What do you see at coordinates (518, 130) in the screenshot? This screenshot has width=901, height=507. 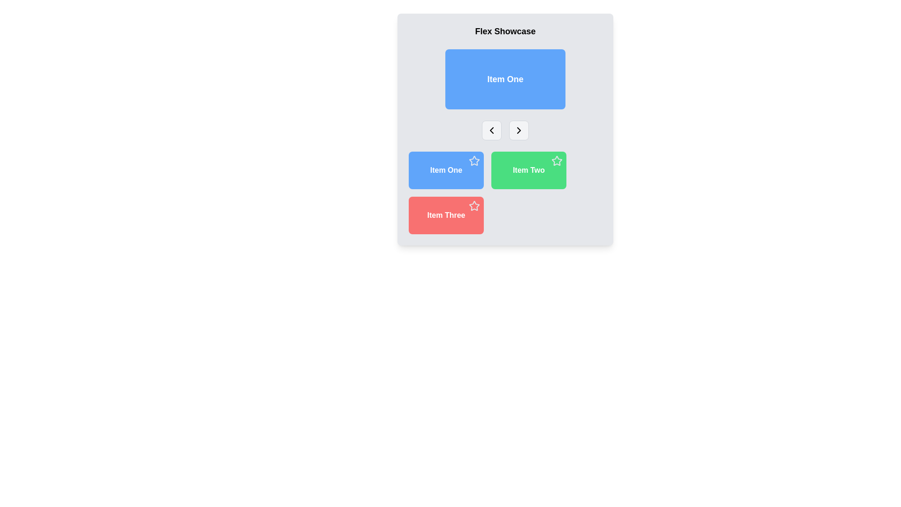 I see `the right-facing chevron arrow icon within the navigation button` at bounding box center [518, 130].